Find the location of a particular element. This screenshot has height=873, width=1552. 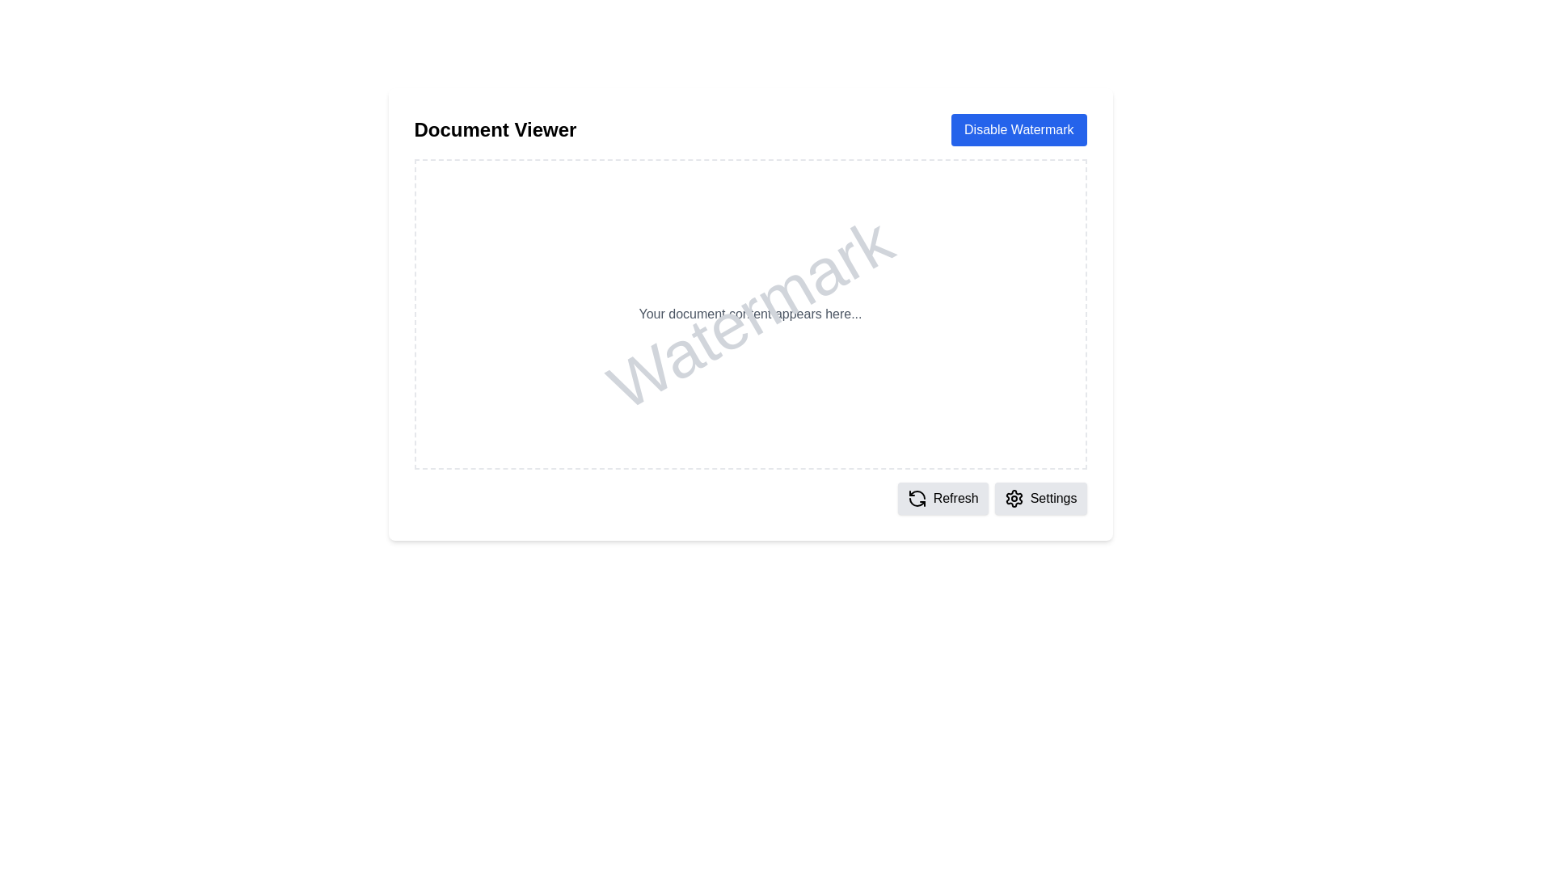

the 'Document Viewer' label, which is a prominent header displayed in bold and larger font, located in the upper left side of the interface is located at coordinates (495, 129).